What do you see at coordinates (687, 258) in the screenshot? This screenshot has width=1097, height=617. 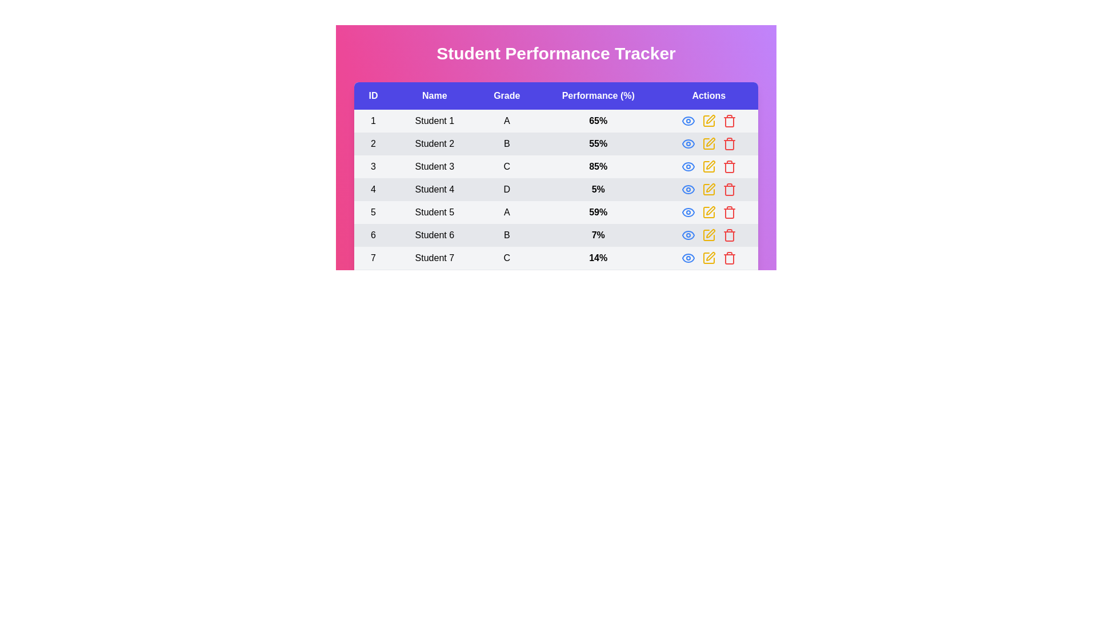 I see `'eye' icon in the 'Actions' column for the student with ID 7` at bounding box center [687, 258].